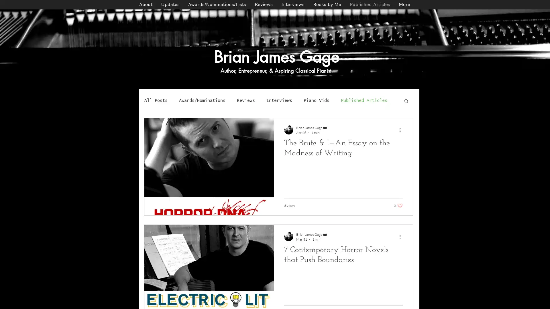 This screenshot has height=309, width=550. I want to click on Reviews, so click(246, 100).